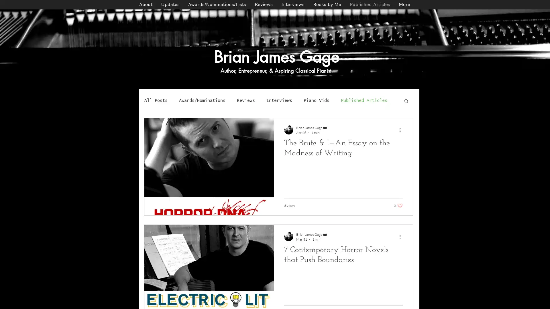 This screenshot has height=309, width=550. I want to click on Reviews, so click(246, 100).